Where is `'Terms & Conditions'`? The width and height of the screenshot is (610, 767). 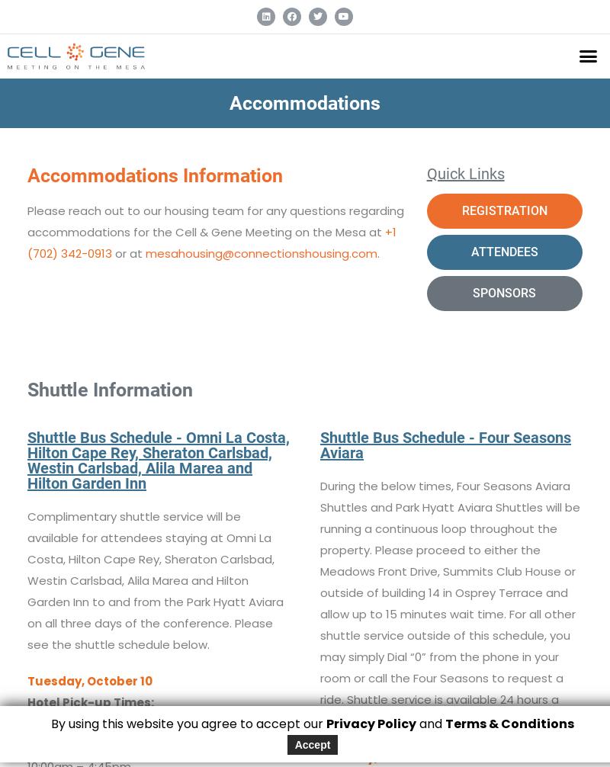 'Terms & Conditions' is located at coordinates (445, 723).